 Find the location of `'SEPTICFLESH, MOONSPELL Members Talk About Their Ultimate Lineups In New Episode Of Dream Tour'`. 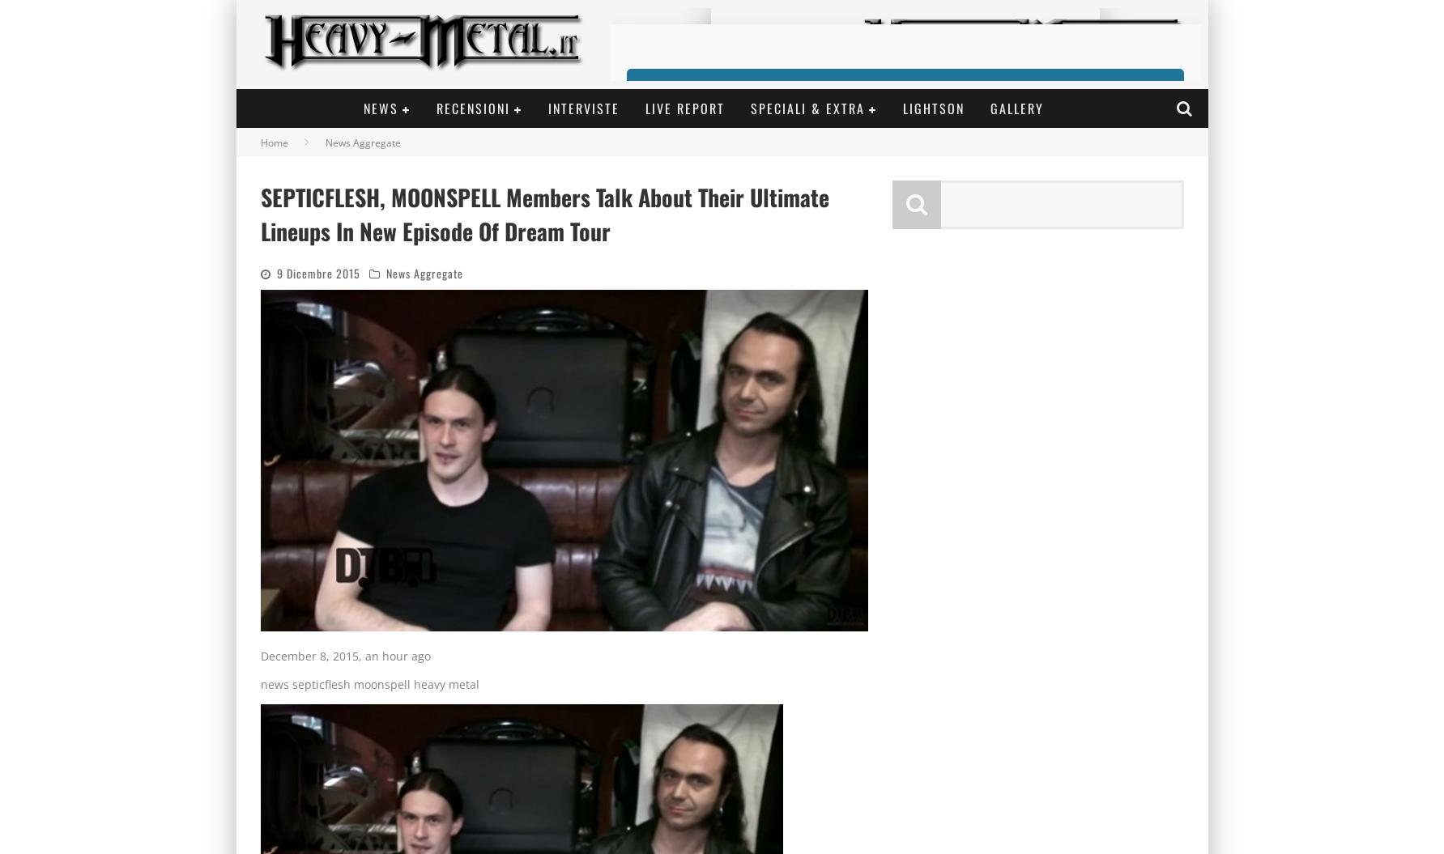

'SEPTICFLESH, MOONSPELL Members Talk About Their Ultimate Lineups In New Episode Of Dream Tour' is located at coordinates (544, 214).